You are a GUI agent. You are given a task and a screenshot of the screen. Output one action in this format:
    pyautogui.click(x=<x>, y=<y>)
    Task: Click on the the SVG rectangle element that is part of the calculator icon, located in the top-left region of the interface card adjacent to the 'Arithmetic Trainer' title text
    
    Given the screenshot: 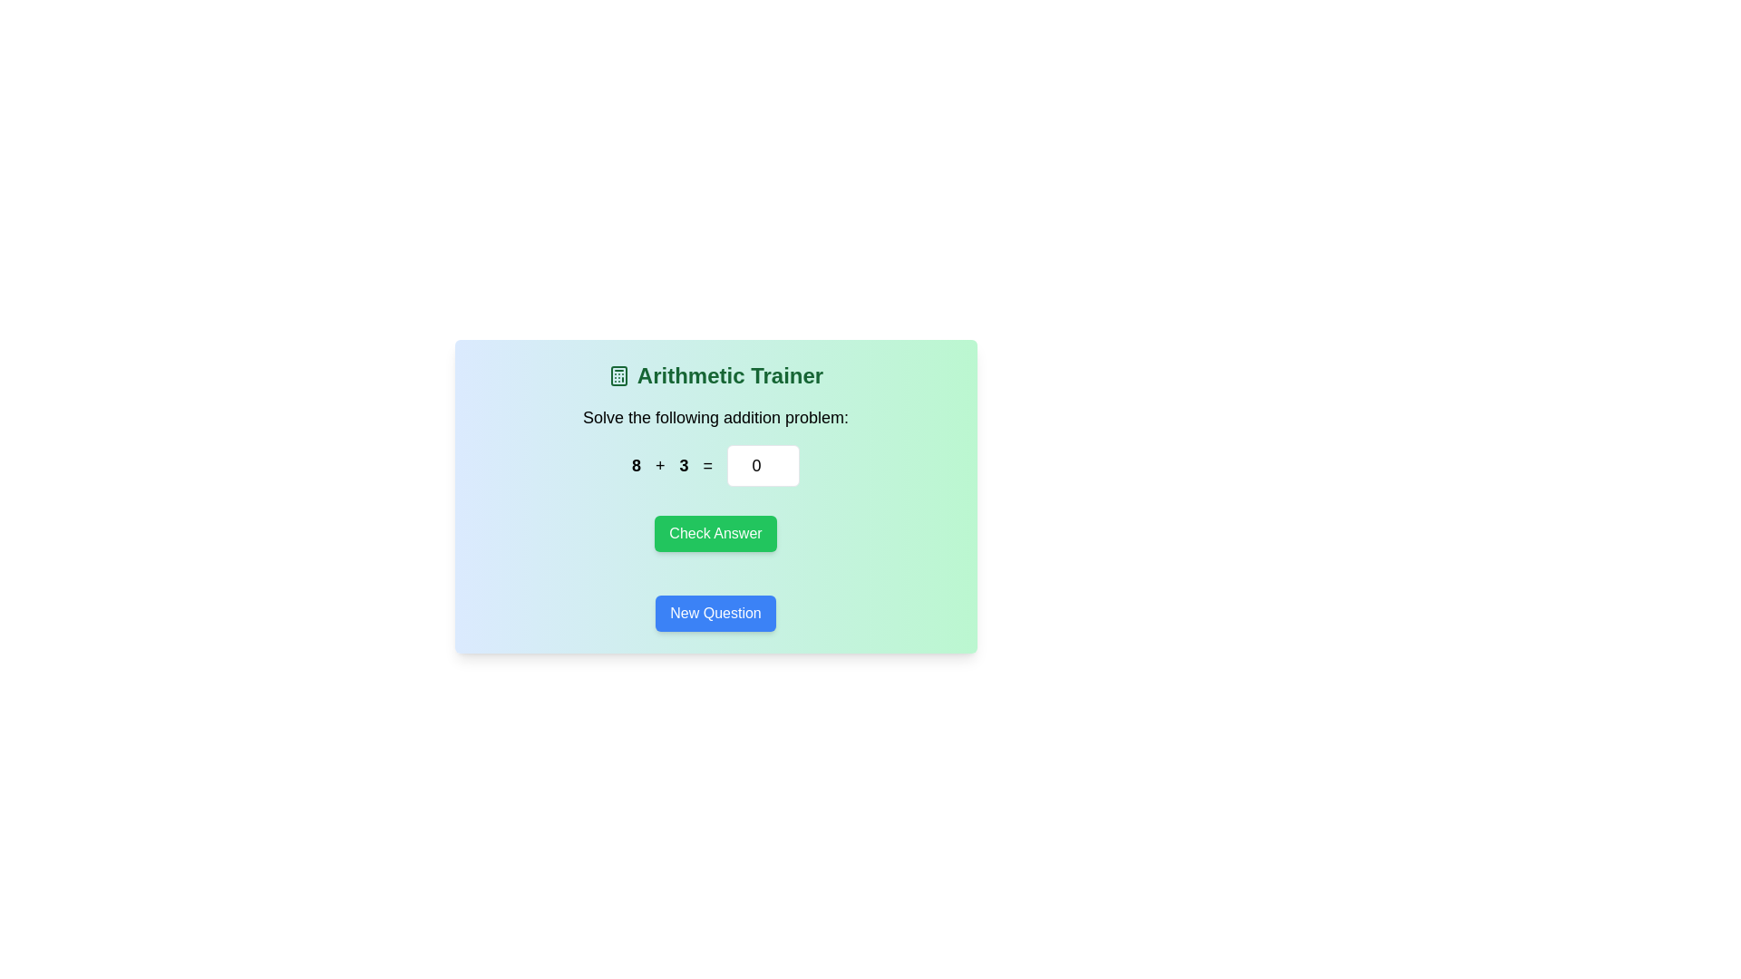 What is the action you would take?
    pyautogui.click(x=618, y=375)
    